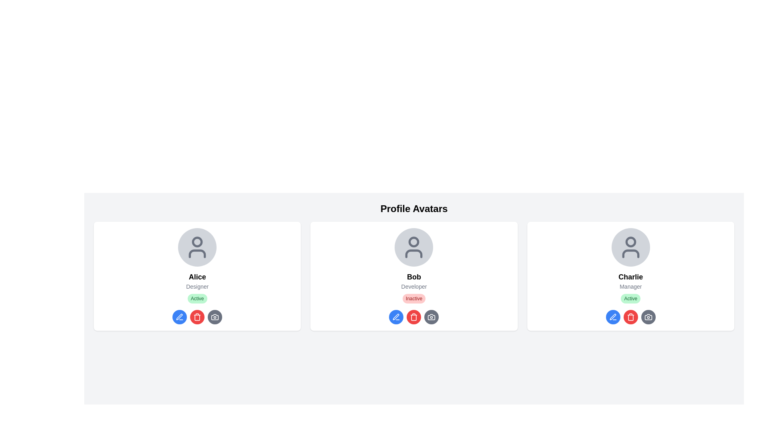  I want to click on the static text displaying the name 'Bob' in the user profile card, located centrally under the heading 'Profile Avatars', directly below the avatar graphic and above the text 'Developer', so click(414, 276).